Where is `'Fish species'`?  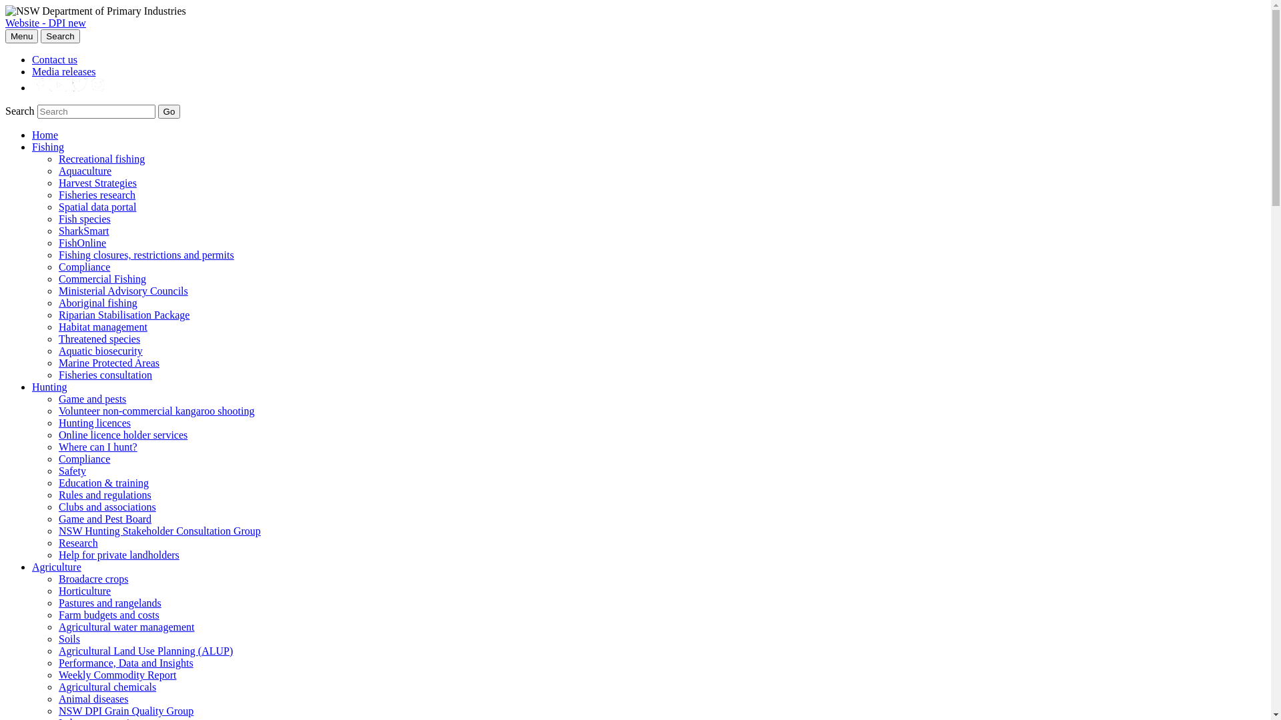 'Fish species' is located at coordinates (83, 218).